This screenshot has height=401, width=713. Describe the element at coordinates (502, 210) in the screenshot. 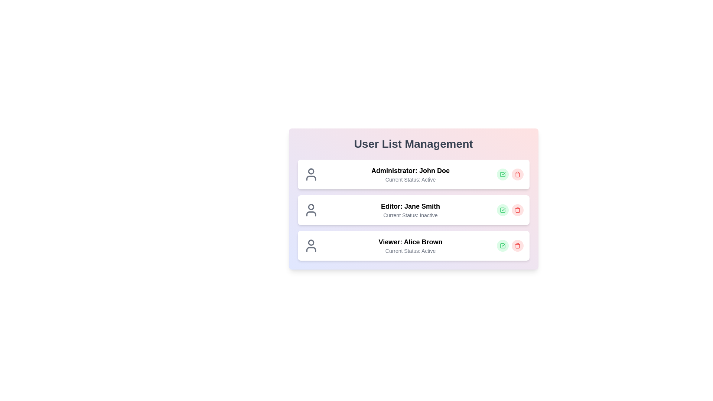

I see `the green checkmark icon located in the rightmost column of the list, specifically in the row for 'Editor: Jane Smith'` at that location.